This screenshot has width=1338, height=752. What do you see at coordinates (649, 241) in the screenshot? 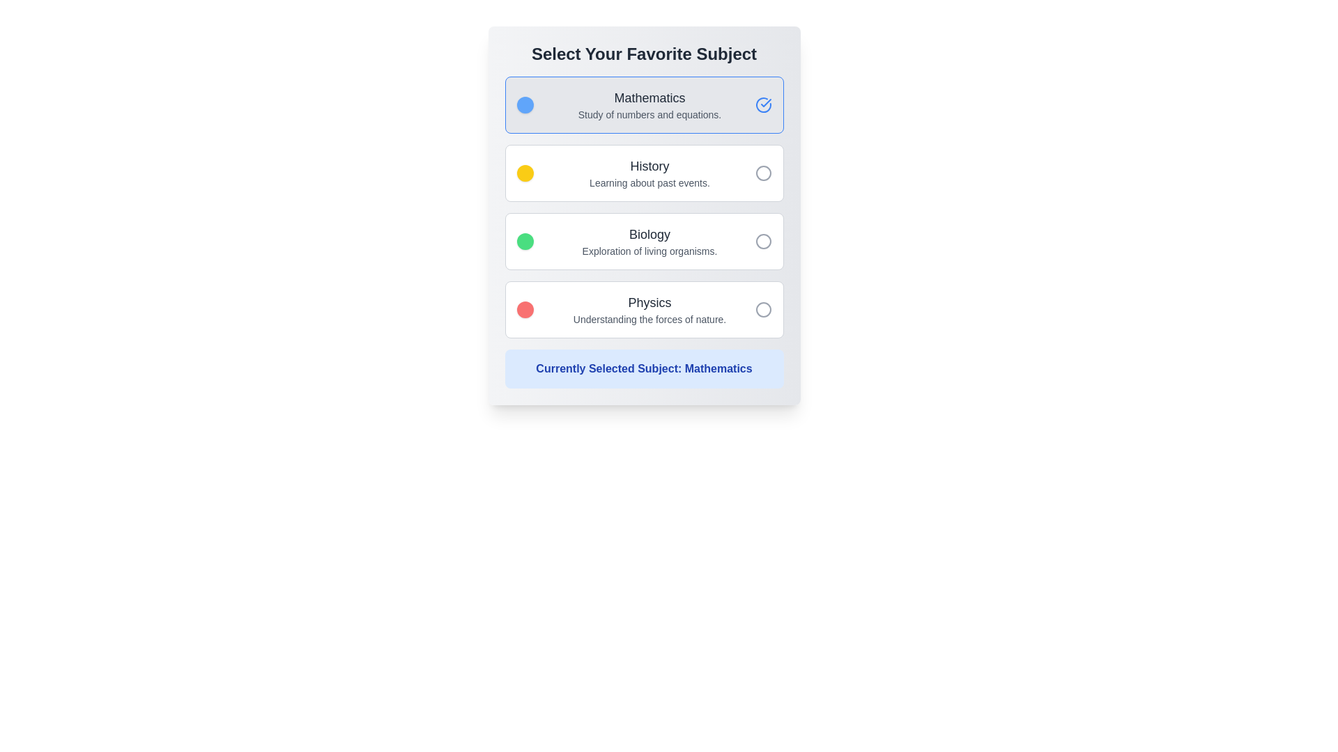
I see `the text display that provides the title and description of the 'Biology' option in the third row of the card-style list, positioned below a small green circular icon and above a gray outline radio button` at bounding box center [649, 241].